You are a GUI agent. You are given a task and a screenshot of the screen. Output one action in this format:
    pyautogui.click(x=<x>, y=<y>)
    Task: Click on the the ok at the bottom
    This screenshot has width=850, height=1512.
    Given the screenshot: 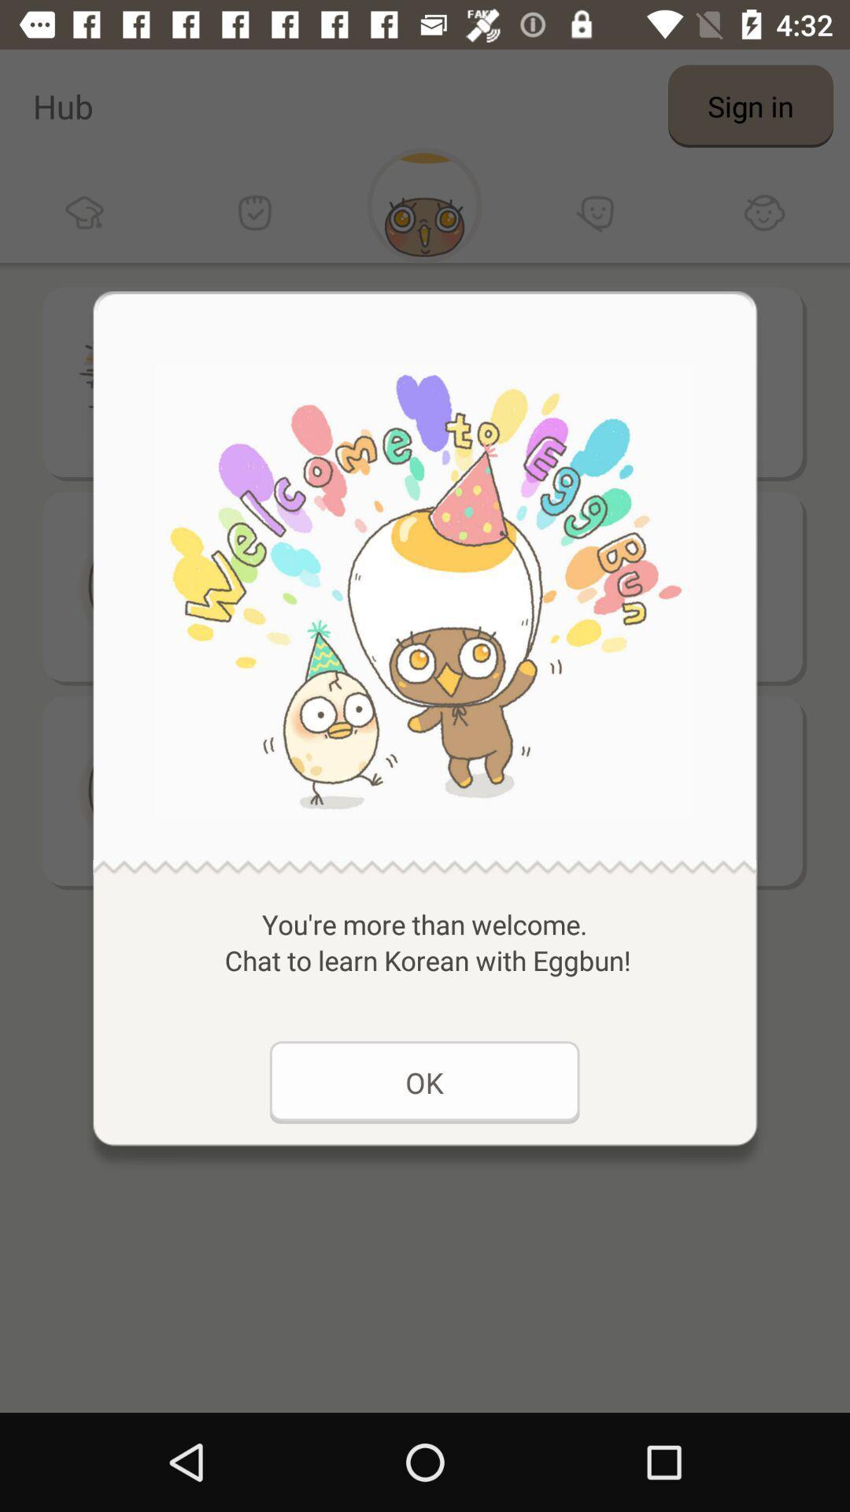 What is the action you would take?
    pyautogui.click(x=423, y=1081)
    